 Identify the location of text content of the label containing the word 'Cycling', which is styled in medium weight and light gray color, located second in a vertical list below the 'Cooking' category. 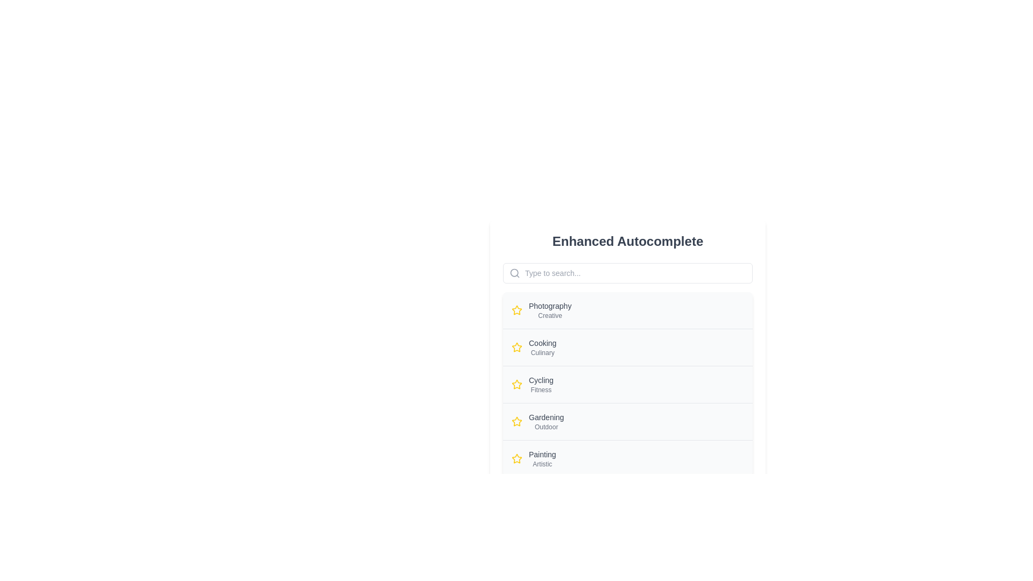
(541, 379).